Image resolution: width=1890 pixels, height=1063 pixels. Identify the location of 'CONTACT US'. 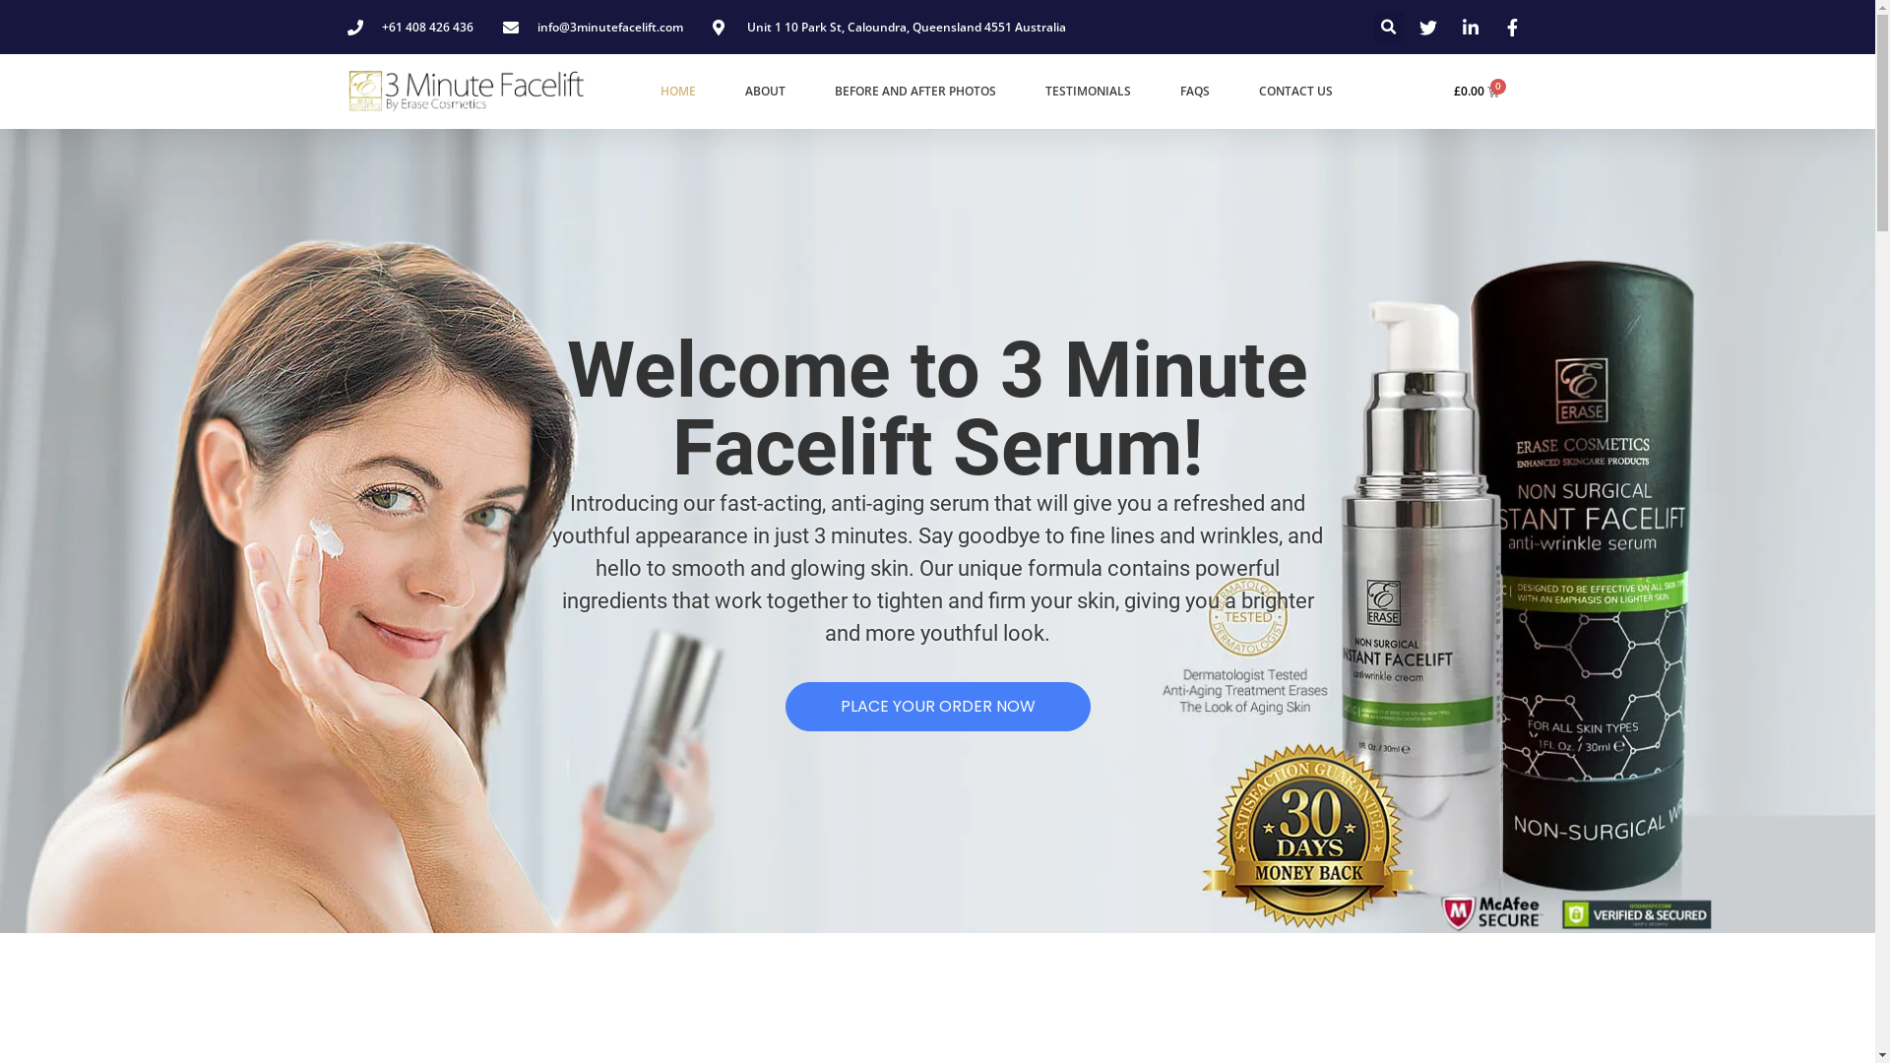
(1295, 91).